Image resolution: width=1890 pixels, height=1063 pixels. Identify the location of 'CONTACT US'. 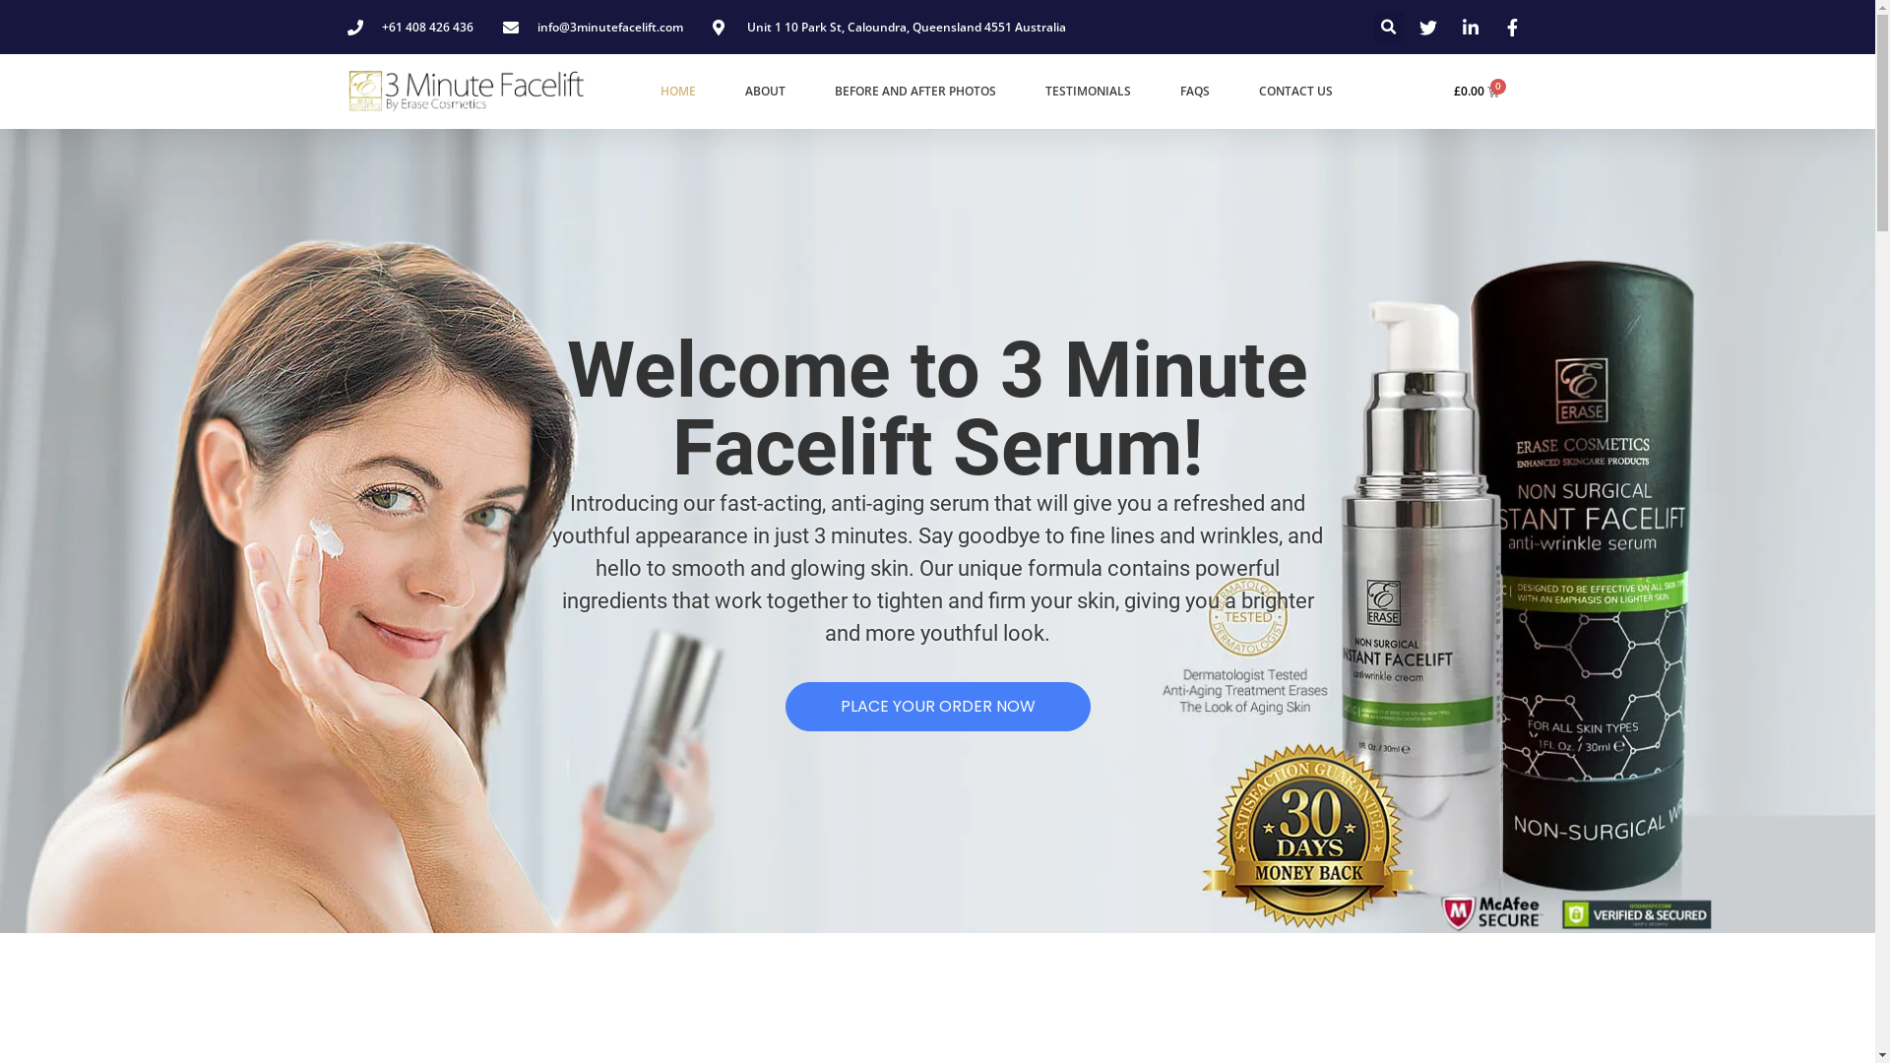
(1295, 91).